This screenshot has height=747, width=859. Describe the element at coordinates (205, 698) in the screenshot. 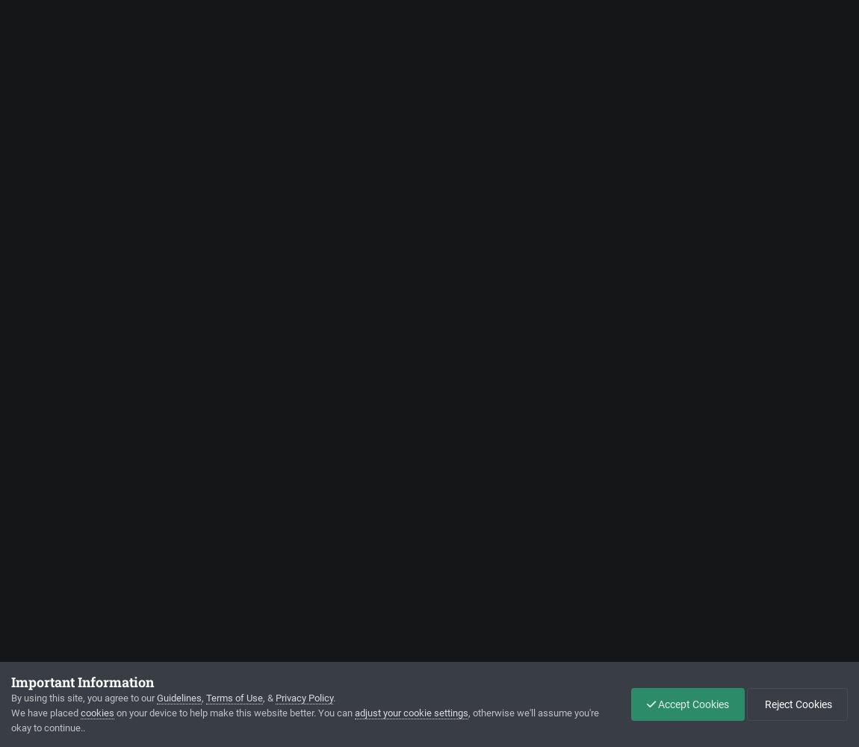

I see `'Terms of Use'` at that location.